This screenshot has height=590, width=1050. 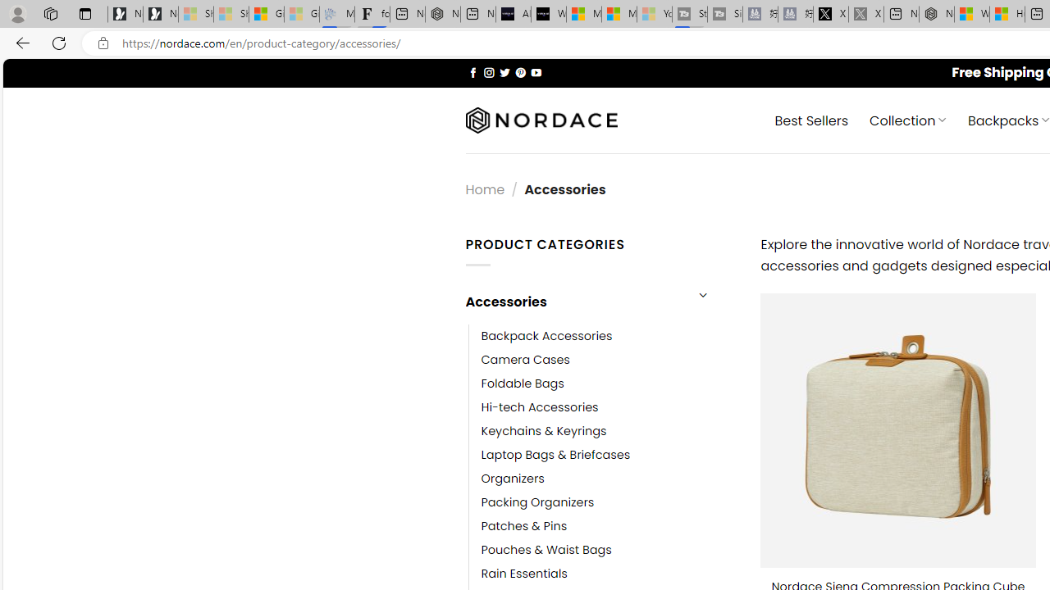 What do you see at coordinates (525, 359) in the screenshot?
I see `'Camera Cases'` at bounding box center [525, 359].